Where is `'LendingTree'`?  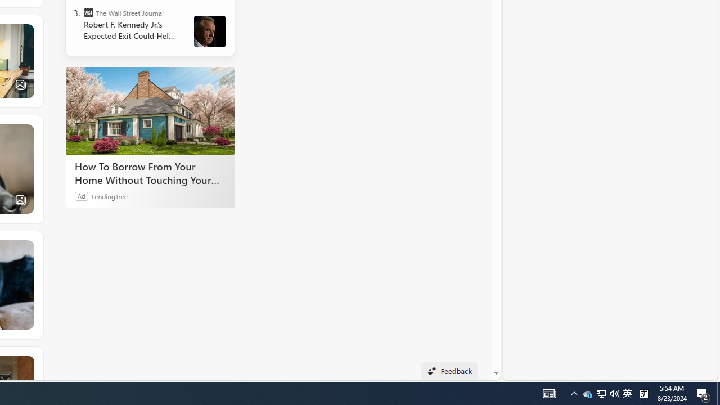 'LendingTree' is located at coordinates (110, 195).